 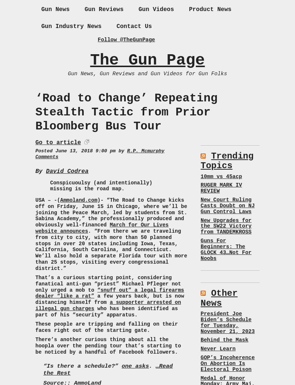 I want to click on 'Product News', so click(x=209, y=8).